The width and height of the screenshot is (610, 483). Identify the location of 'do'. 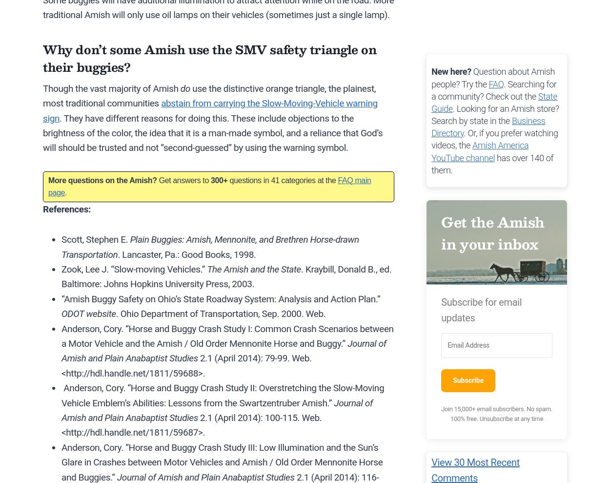
(185, 88).